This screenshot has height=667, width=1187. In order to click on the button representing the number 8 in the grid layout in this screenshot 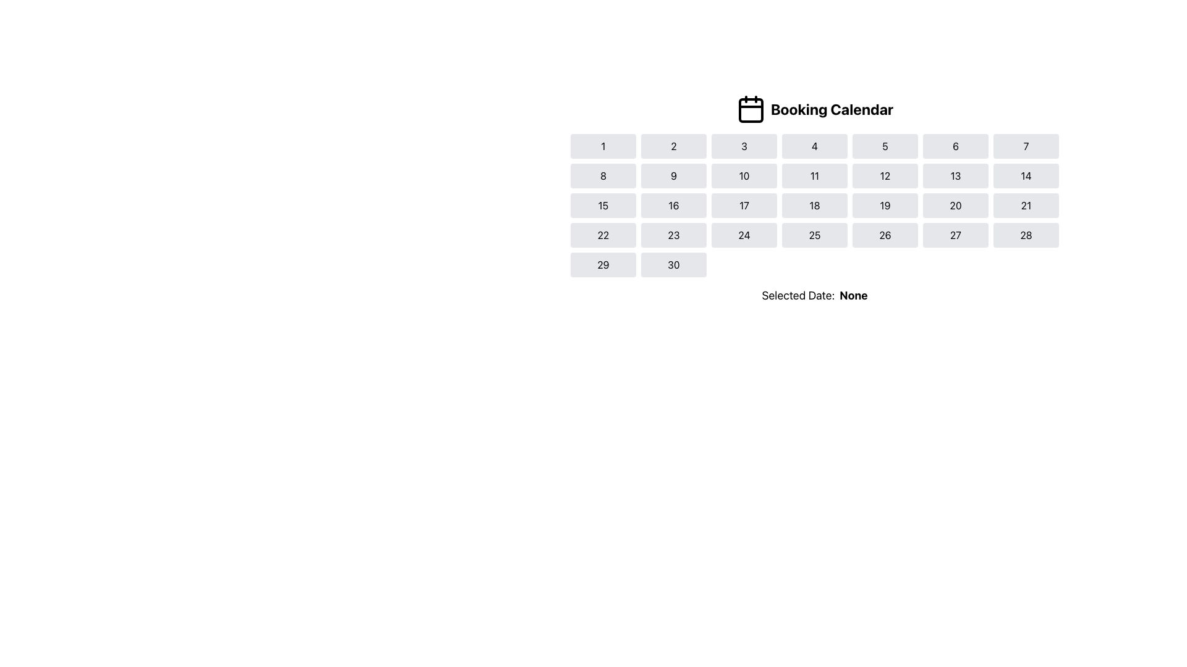, I will do `click(603, 176)`.